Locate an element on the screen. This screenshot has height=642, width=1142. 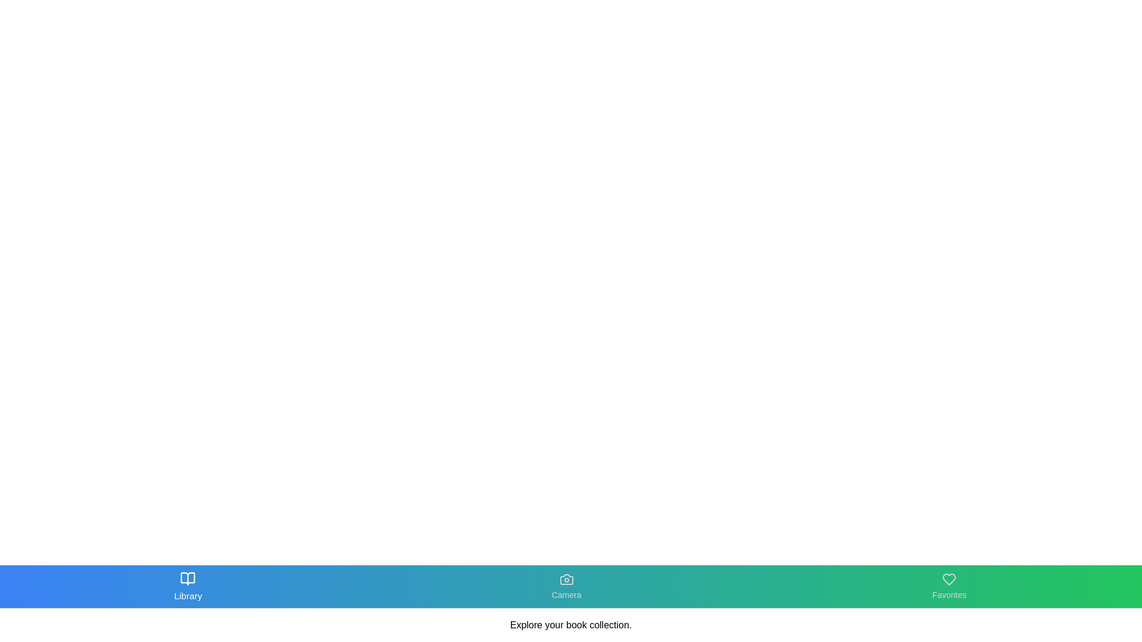
the Camera tab in the navigation bar is located at coordinates (565, 586).